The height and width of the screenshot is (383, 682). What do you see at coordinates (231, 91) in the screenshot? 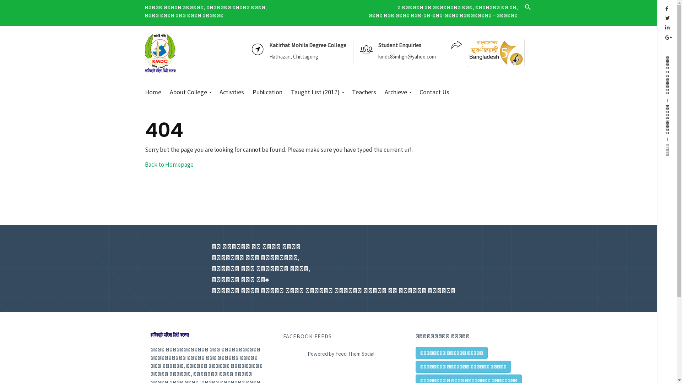
I see `'Activities'` at bounding box center [231, 91].